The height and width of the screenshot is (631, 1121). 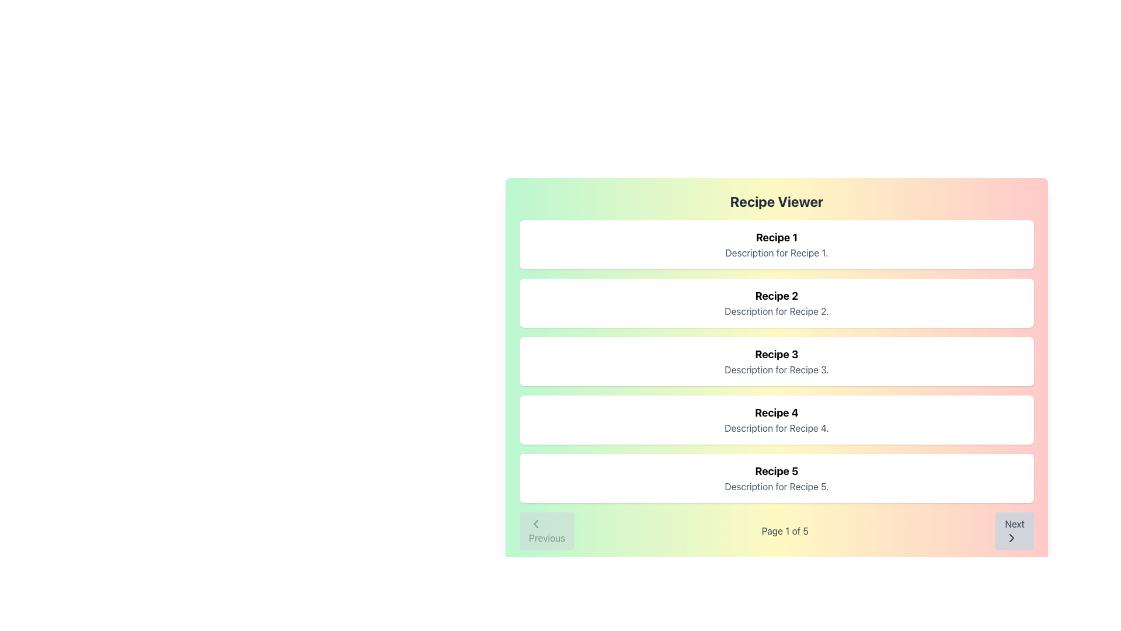 I want to click on text displayed in the title of the fourth recipe in the vertically stacked list of recipe entries, so click(x=777, y=412).